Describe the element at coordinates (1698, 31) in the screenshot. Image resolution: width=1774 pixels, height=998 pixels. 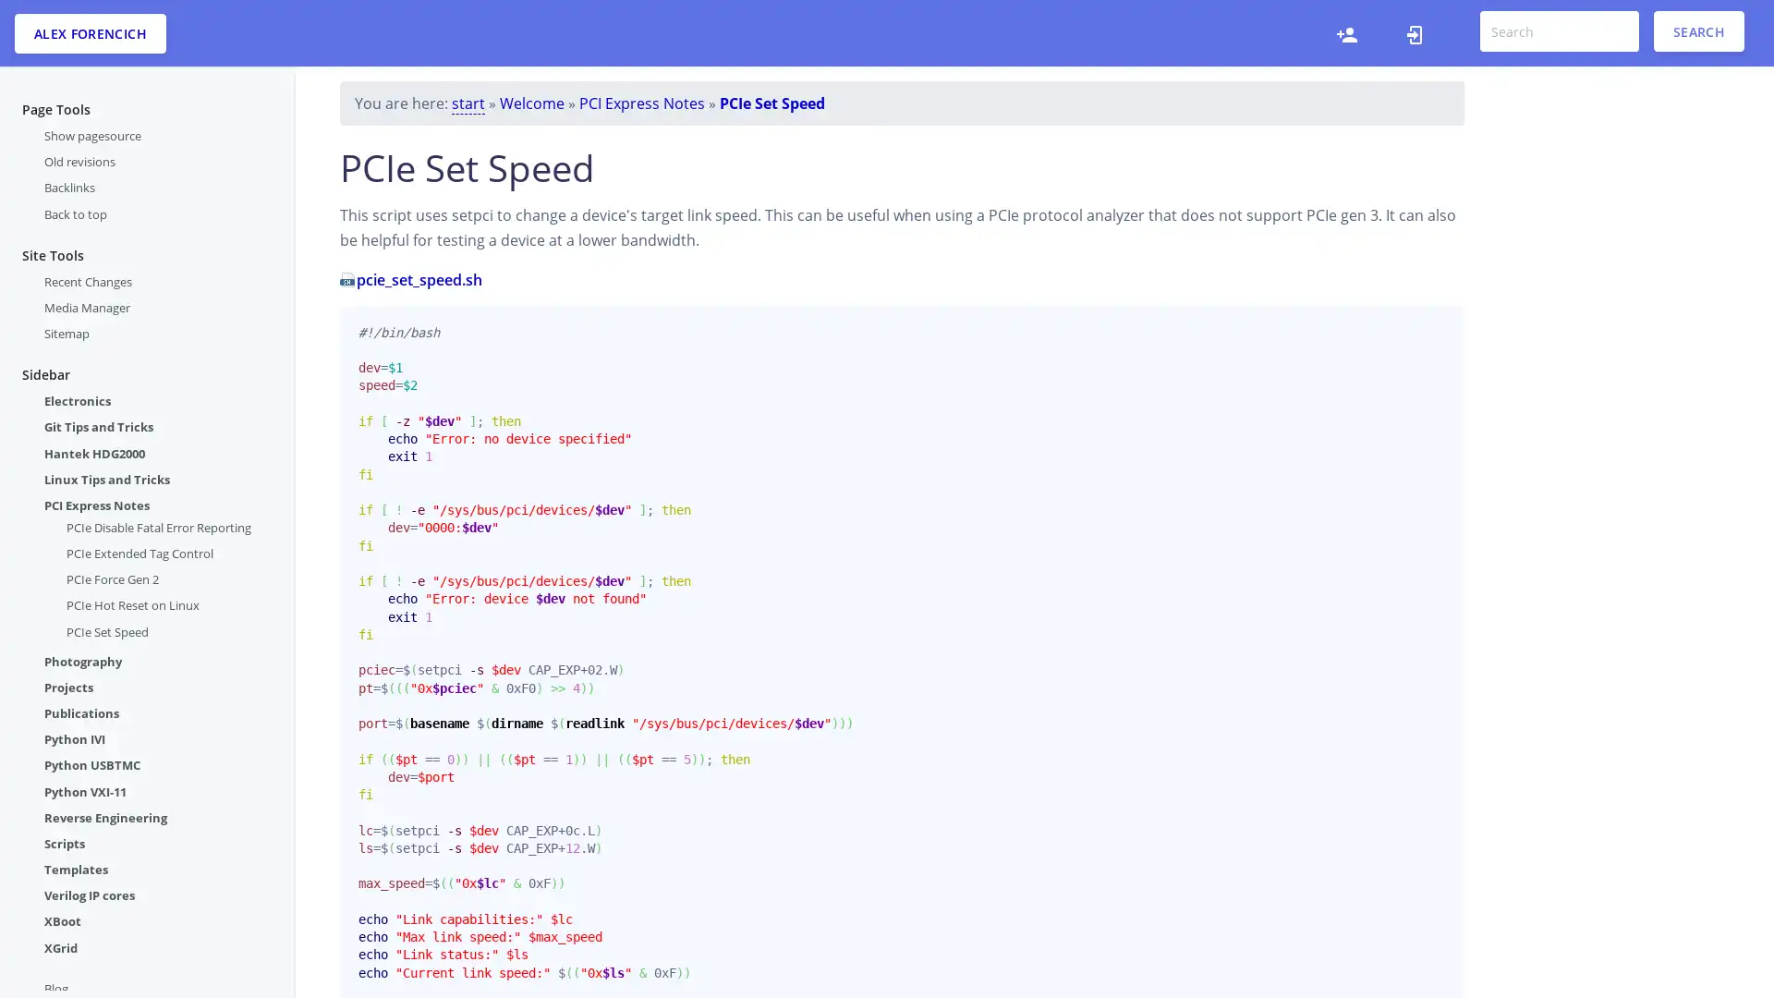
I see `SEARCH` at that location.